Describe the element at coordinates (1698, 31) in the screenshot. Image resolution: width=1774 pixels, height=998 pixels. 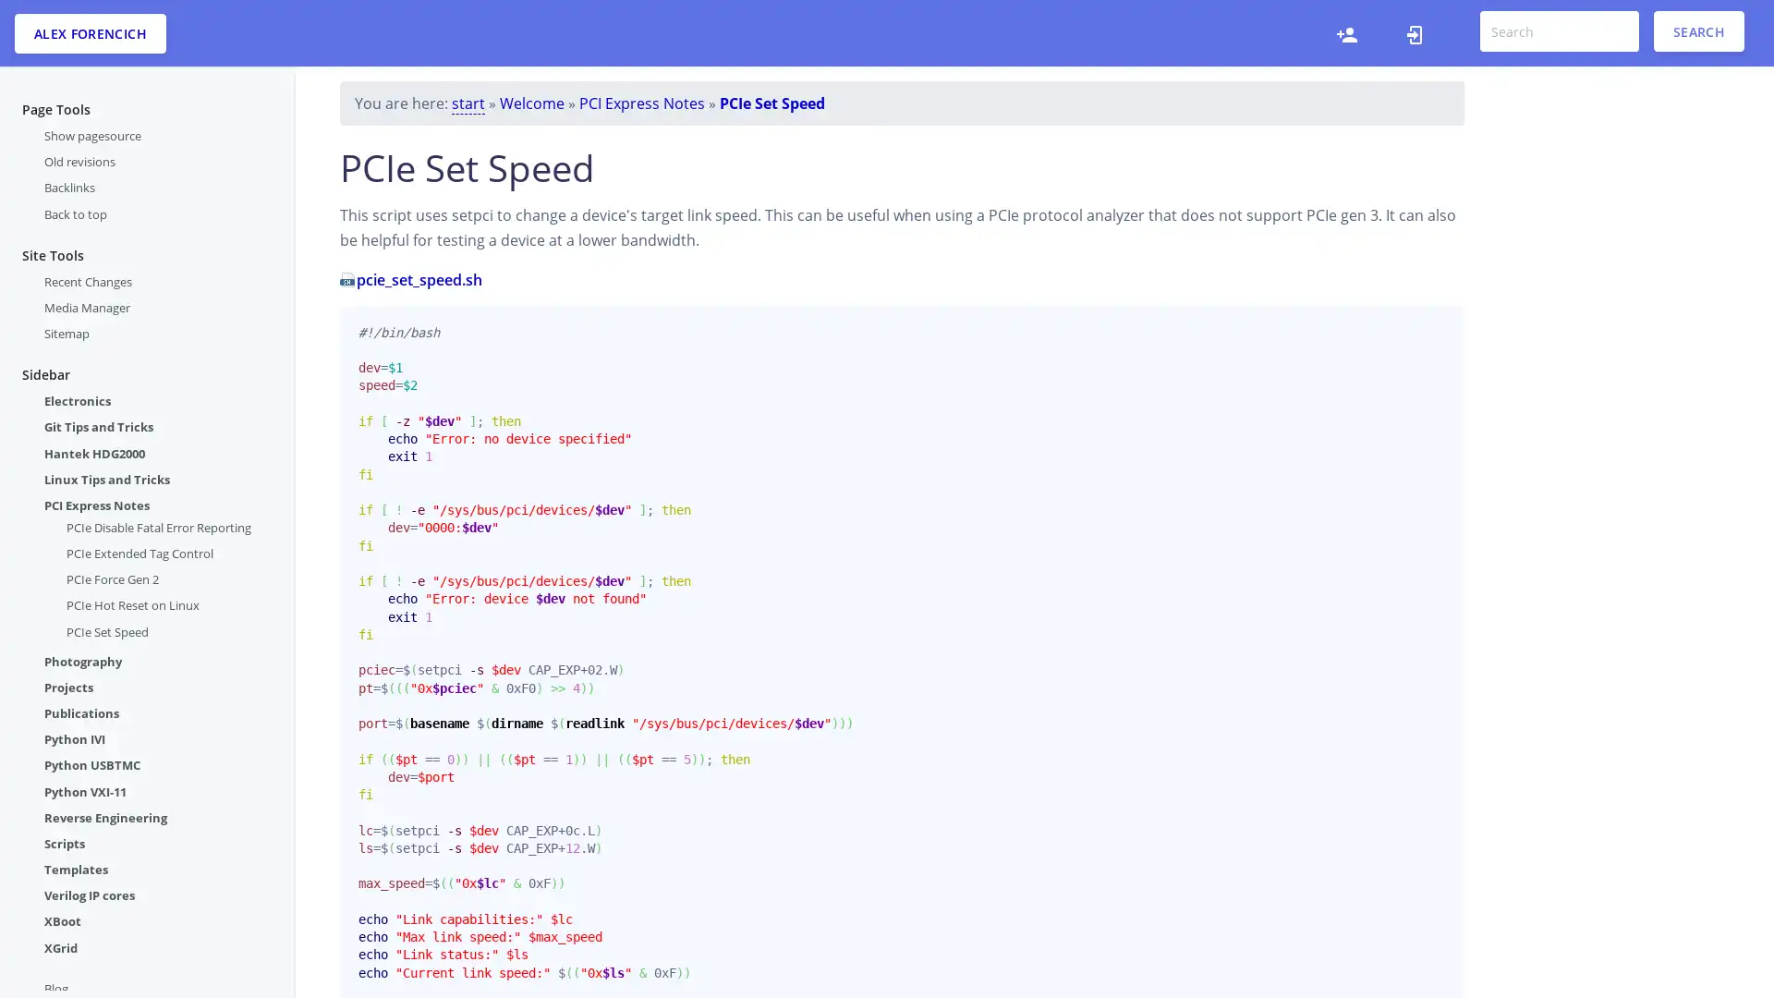
I see `SEARCH` at that location.